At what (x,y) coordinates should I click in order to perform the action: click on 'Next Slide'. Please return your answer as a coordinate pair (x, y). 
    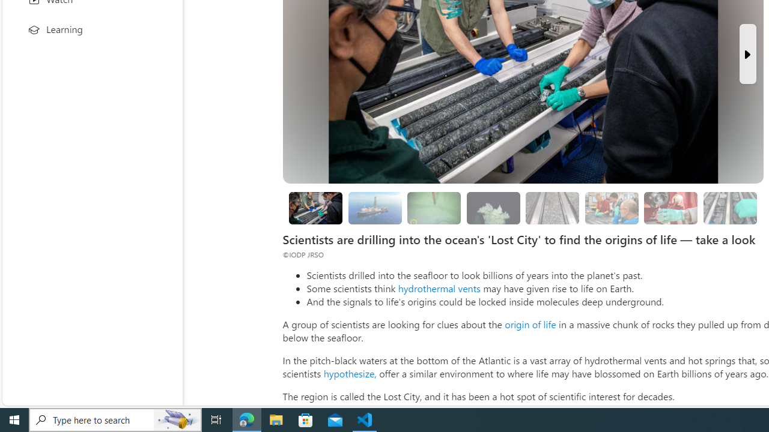
    Looking at the image, I should click on (747, 54).